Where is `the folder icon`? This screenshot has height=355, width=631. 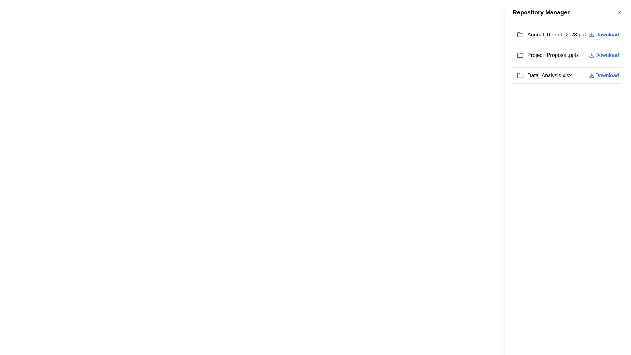 the folder icon is located at coordinates (520, 75).